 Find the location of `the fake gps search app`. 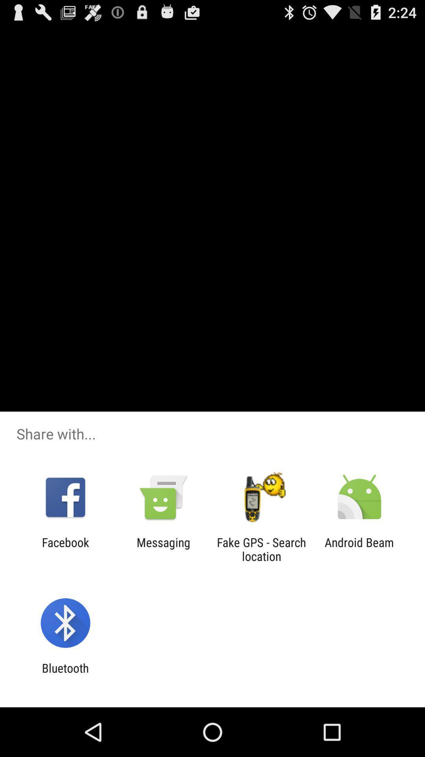

the fake gps search app is located at coordinates (261, 549).